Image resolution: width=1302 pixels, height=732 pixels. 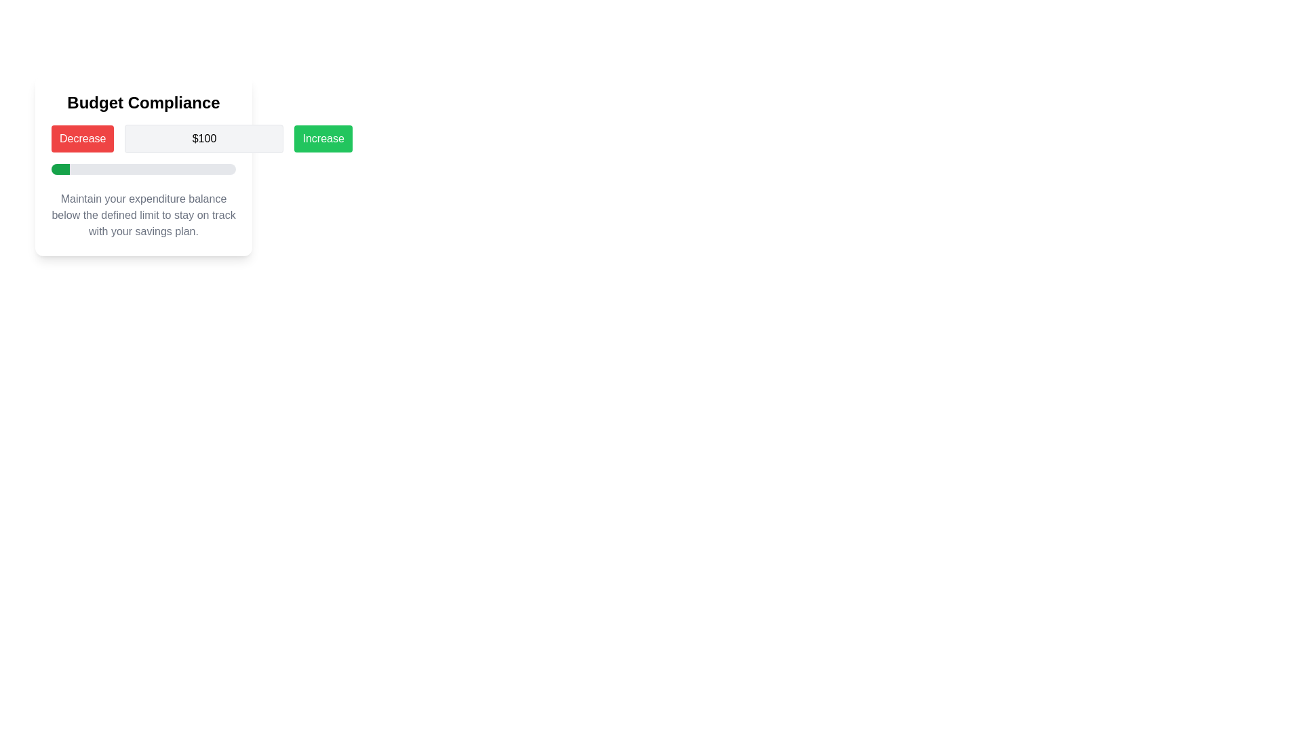 I want to click on the read-only text input field displaying the current budget or balance, so click(x=203, y=138).